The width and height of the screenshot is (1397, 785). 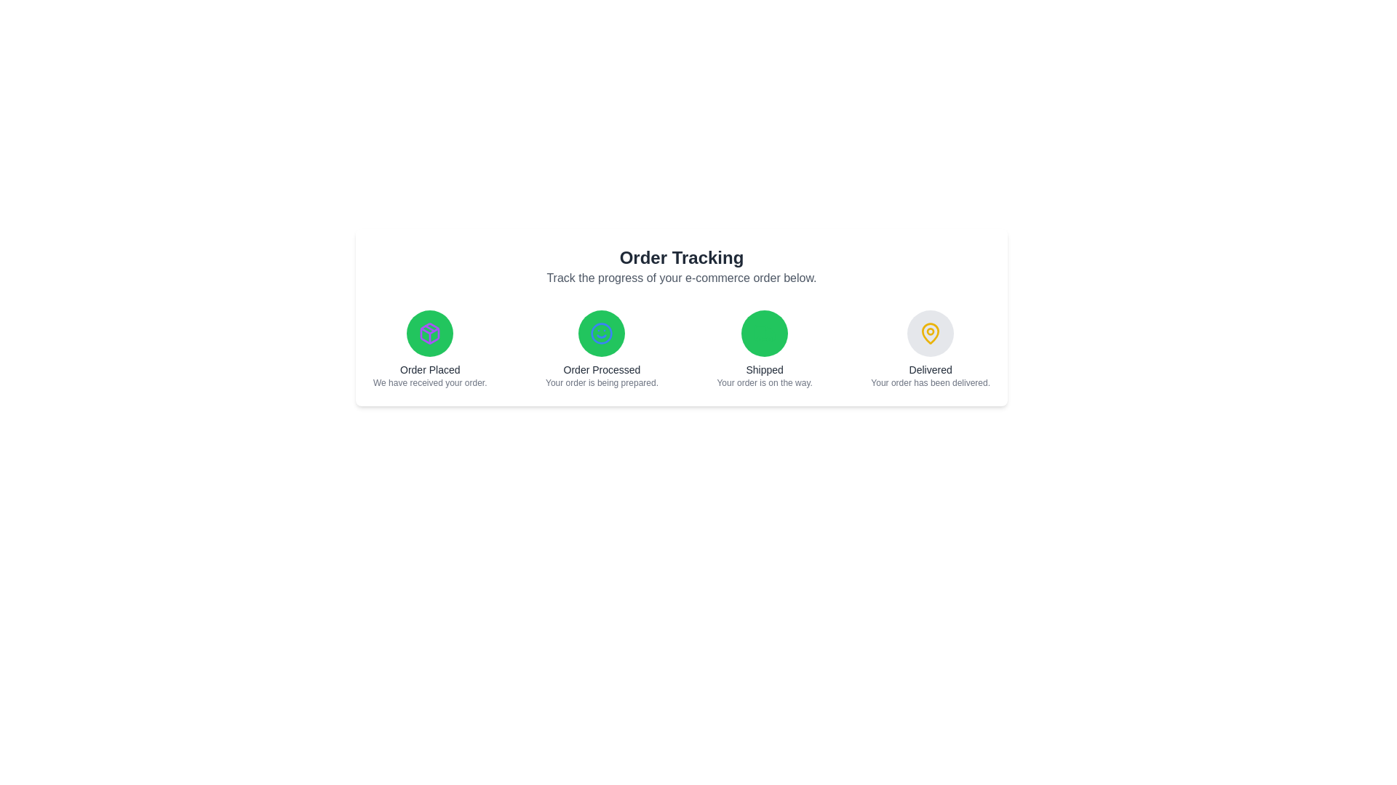 I want to click on the 'Order Processed' icon-based status indicator, so click(x=602, y=334).